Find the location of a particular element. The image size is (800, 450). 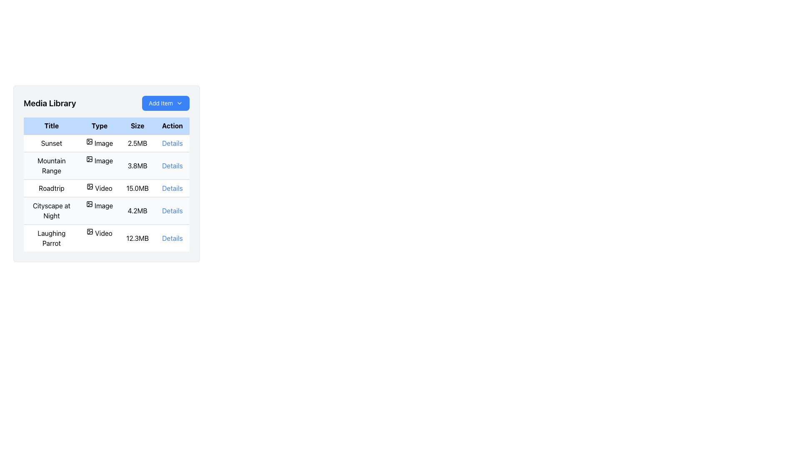

the SVG Icon in the 'Type' column of the row labeled 'Cityscape at Night' to indicate that the associated item is of the 'Image' type is located at coordinates (89, 204).